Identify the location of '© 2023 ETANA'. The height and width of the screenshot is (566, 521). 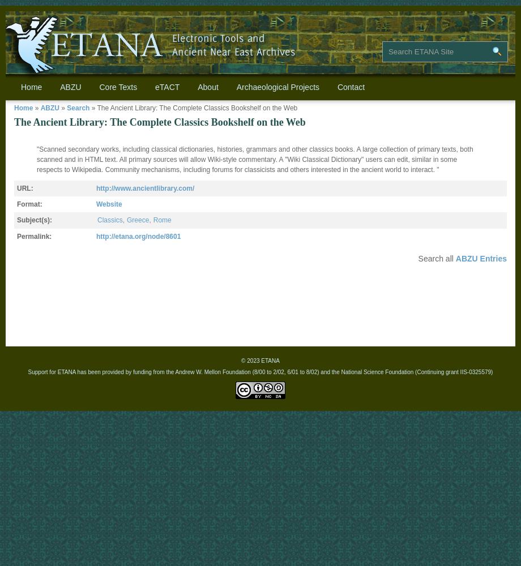
(259, 361).